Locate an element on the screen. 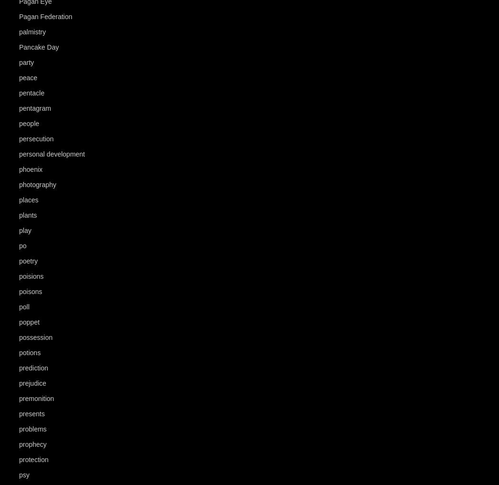  '(29)' is located at coordinates (54, 443).